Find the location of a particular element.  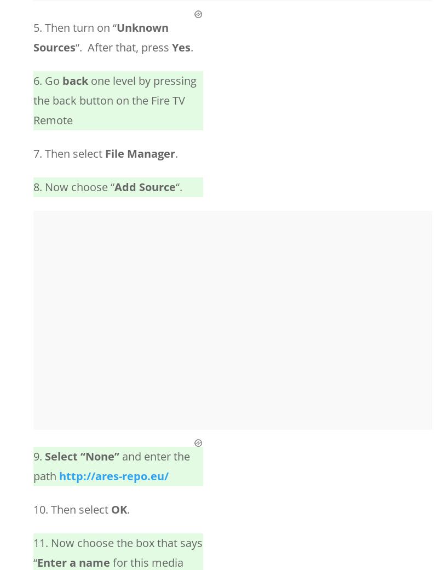

'“.  After that, press' is located at coordinates (123, 47).